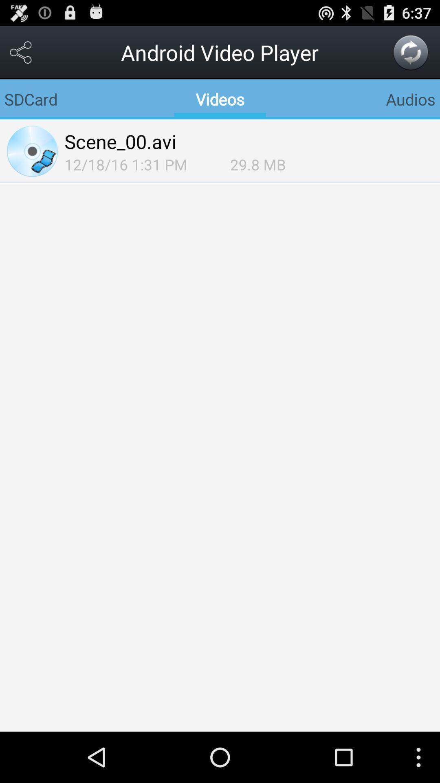 This screenshot has height=783, width=440. Describe the element at coordinates (411, 55) in the screenshot. I see `the refresh icon` at that location.